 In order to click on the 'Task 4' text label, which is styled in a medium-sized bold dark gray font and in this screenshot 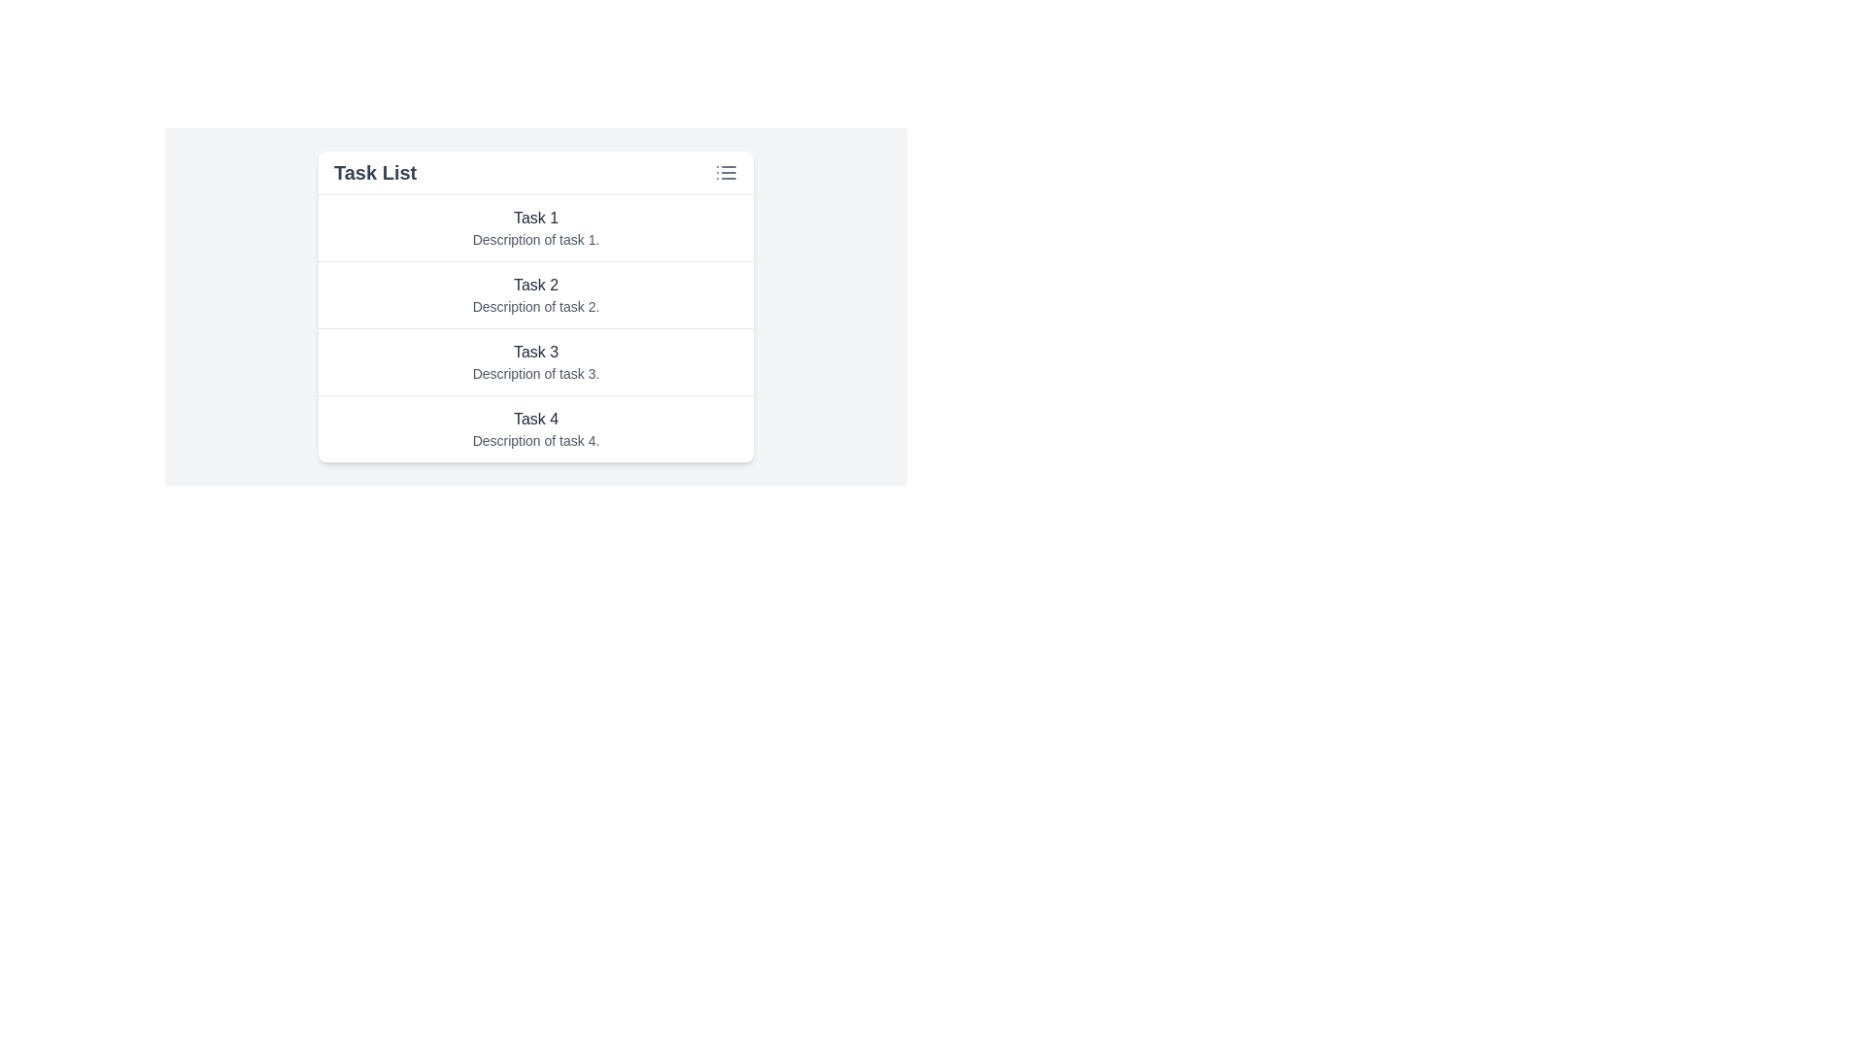, I will do `click(536, 419)`.